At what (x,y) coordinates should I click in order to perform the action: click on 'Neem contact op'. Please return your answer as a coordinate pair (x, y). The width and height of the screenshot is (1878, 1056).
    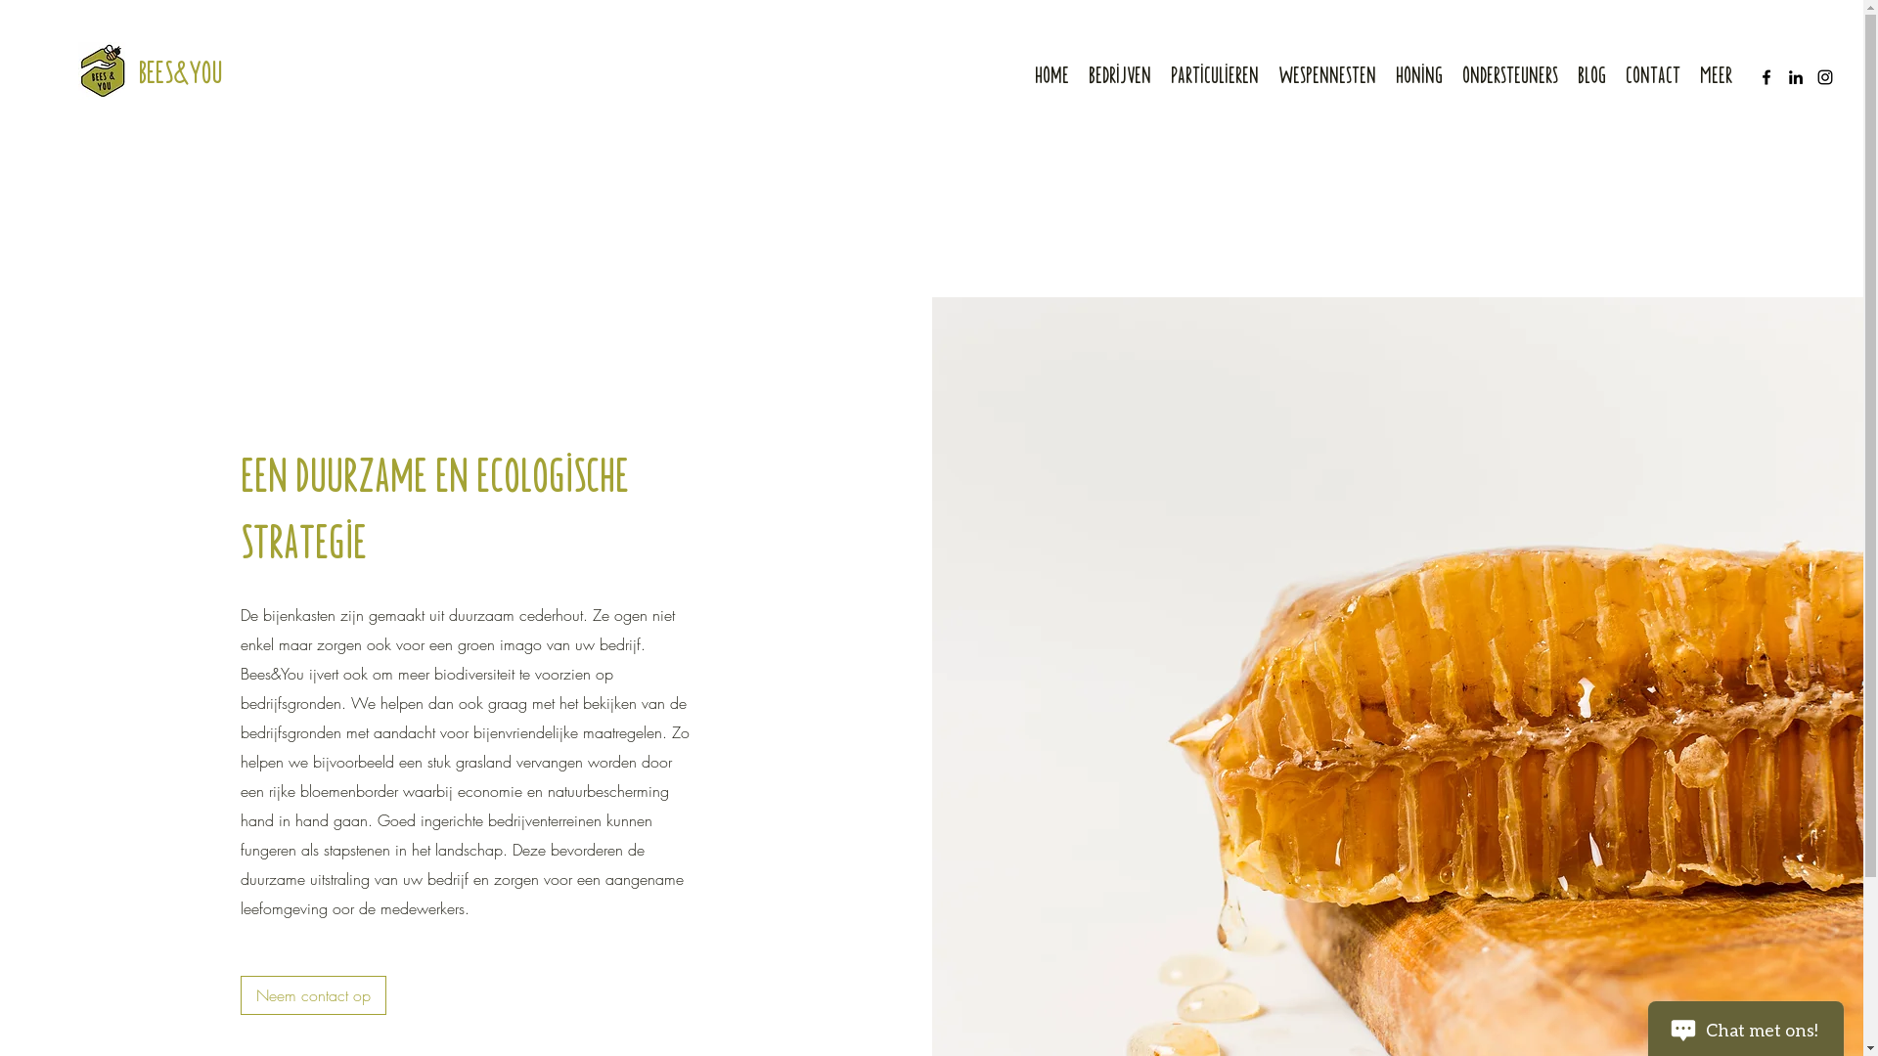
    Looking at the image, I should click on (313, 995).